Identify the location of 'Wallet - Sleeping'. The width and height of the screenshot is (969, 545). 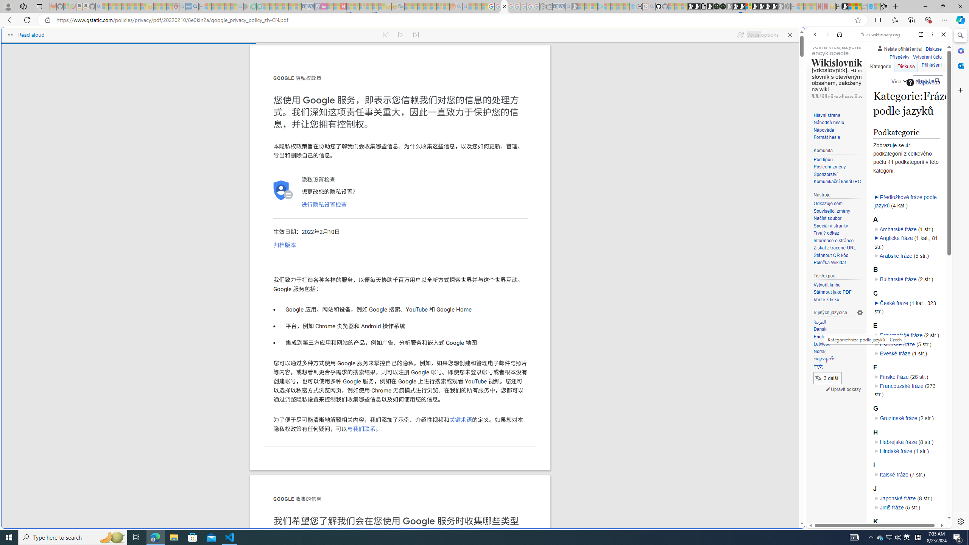
(549, 6).